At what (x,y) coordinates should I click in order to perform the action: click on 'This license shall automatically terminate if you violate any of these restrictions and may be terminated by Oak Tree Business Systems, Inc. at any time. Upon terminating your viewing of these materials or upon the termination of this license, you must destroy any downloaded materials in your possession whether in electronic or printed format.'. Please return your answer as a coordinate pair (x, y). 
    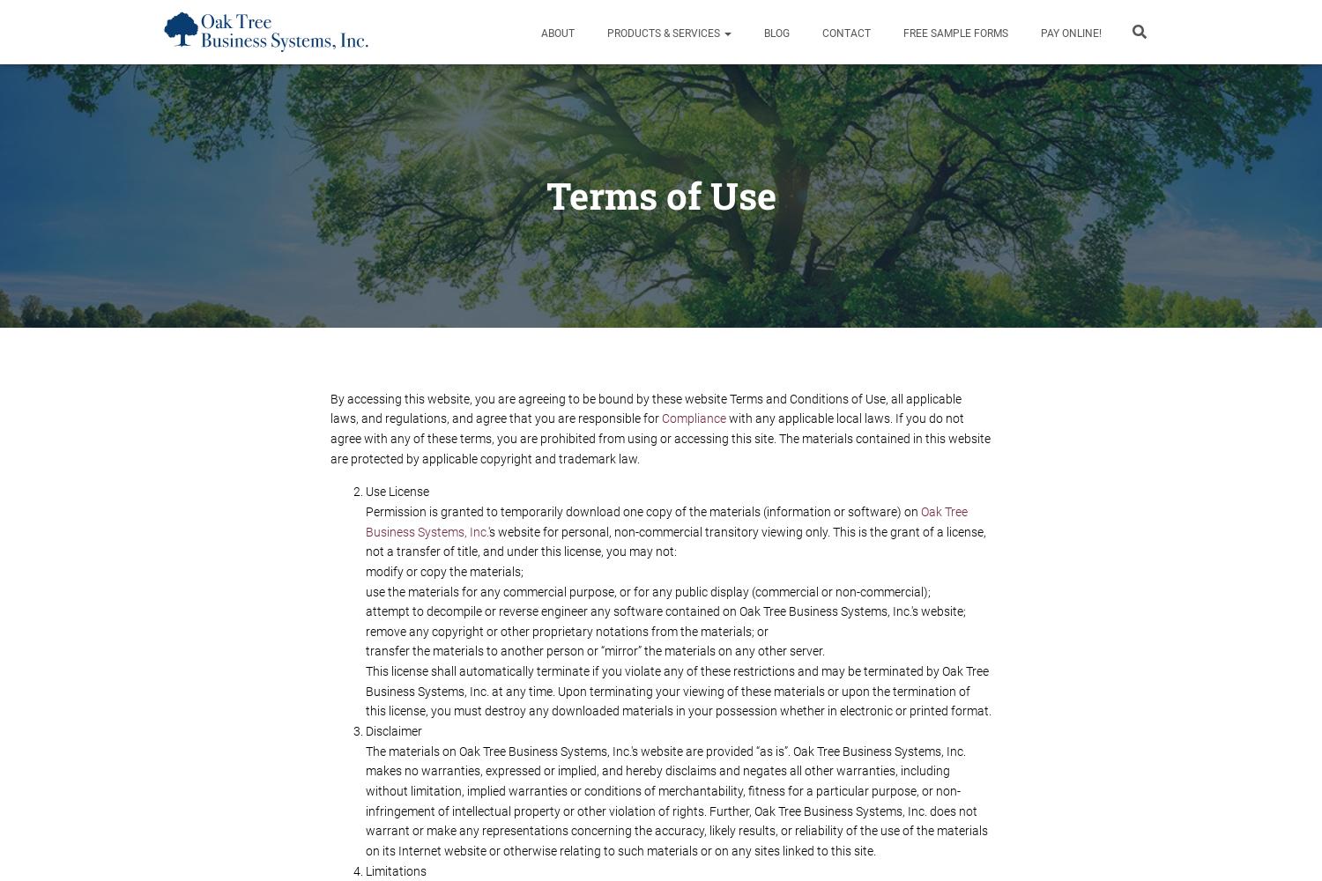
    Looking at the image, I should click on (678, 691).